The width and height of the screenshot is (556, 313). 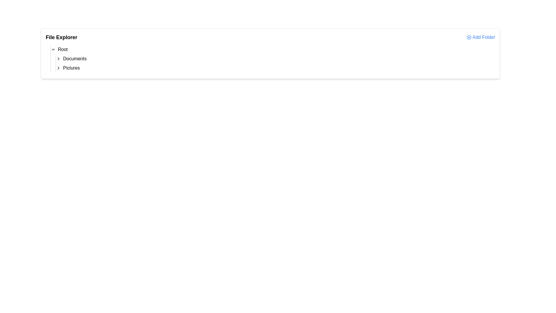 I want to click on the label for the root directory in the File Explorer section to initiate a tooltip or highlight, so click(x=63, y=49).